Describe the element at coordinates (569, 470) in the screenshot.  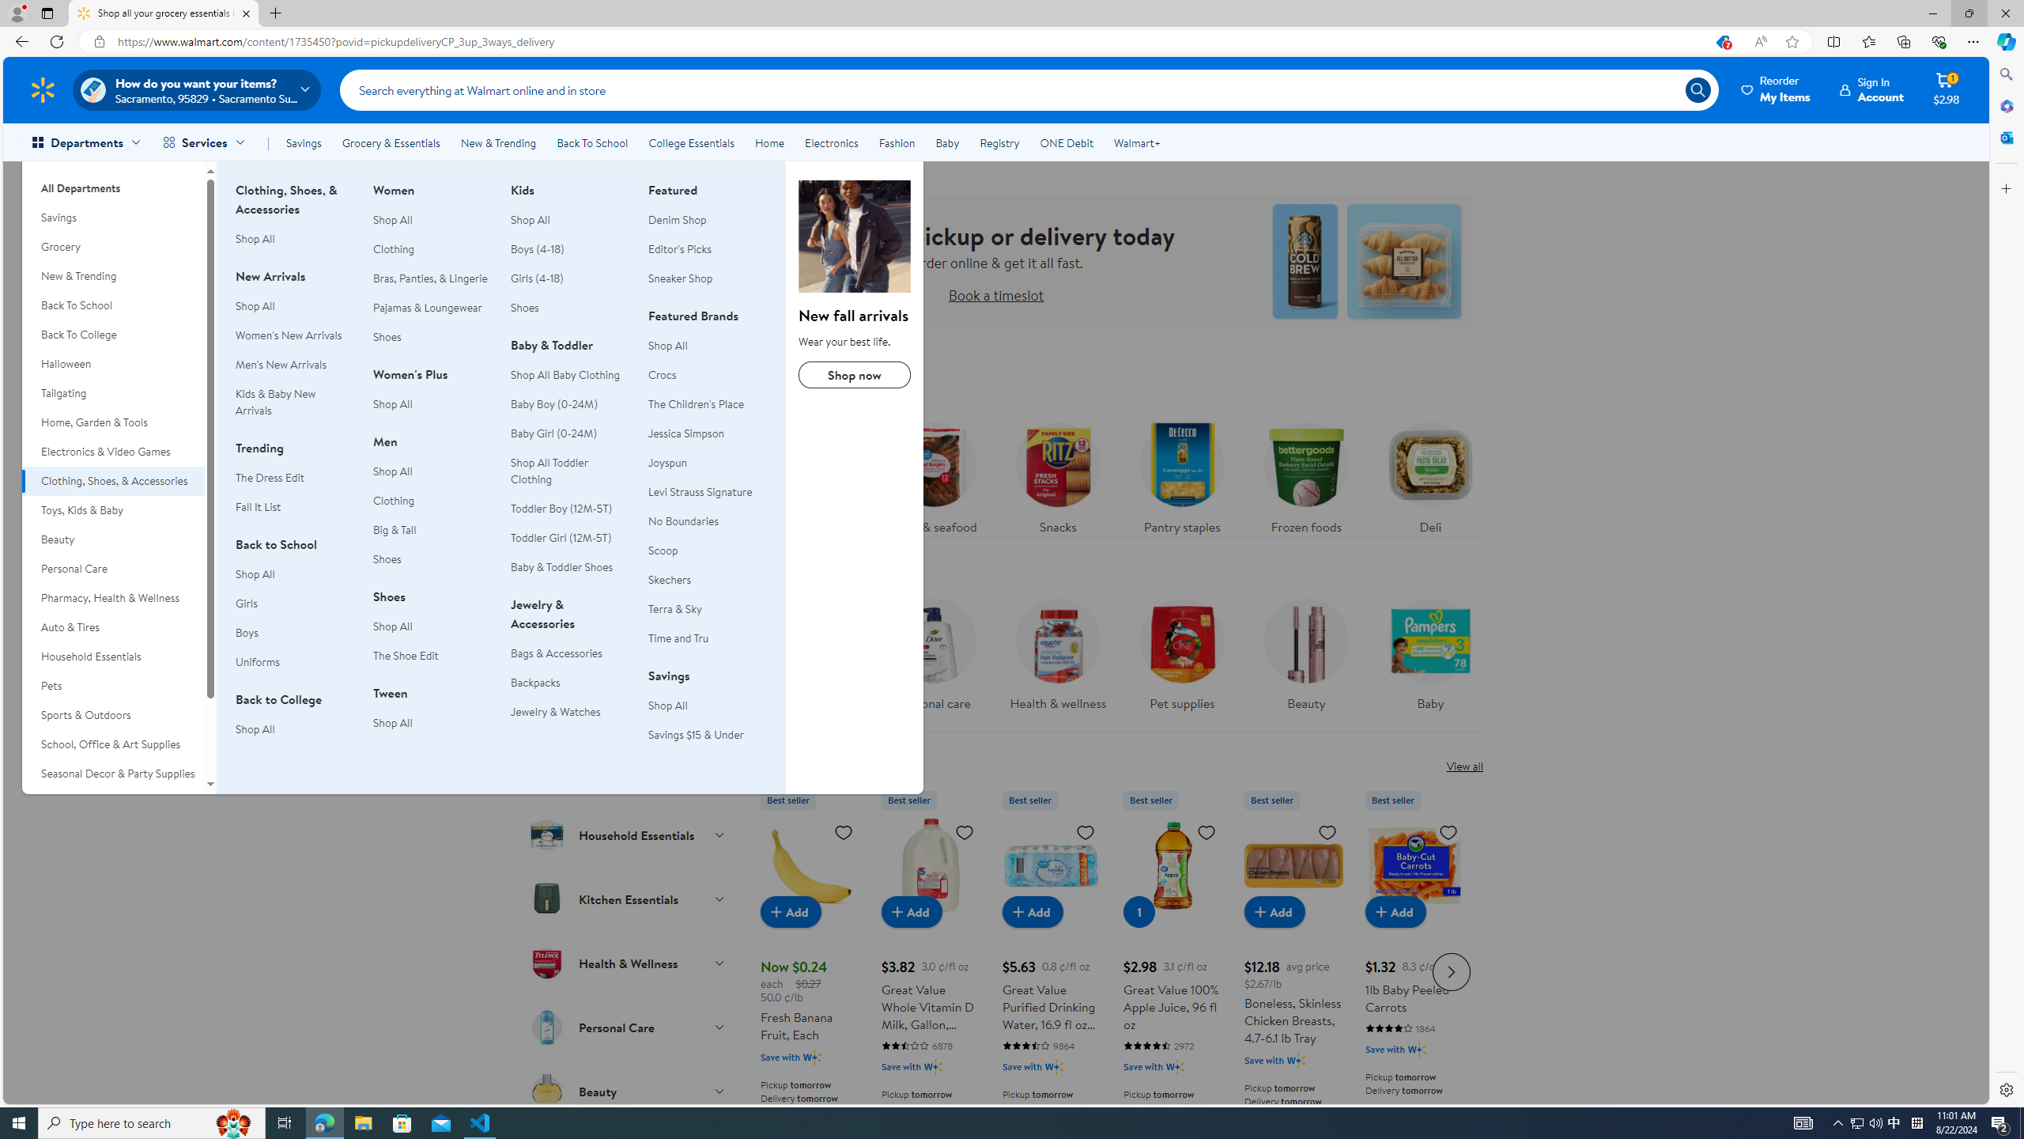
I see `'Shop All Toddler Clothing'` at that location.